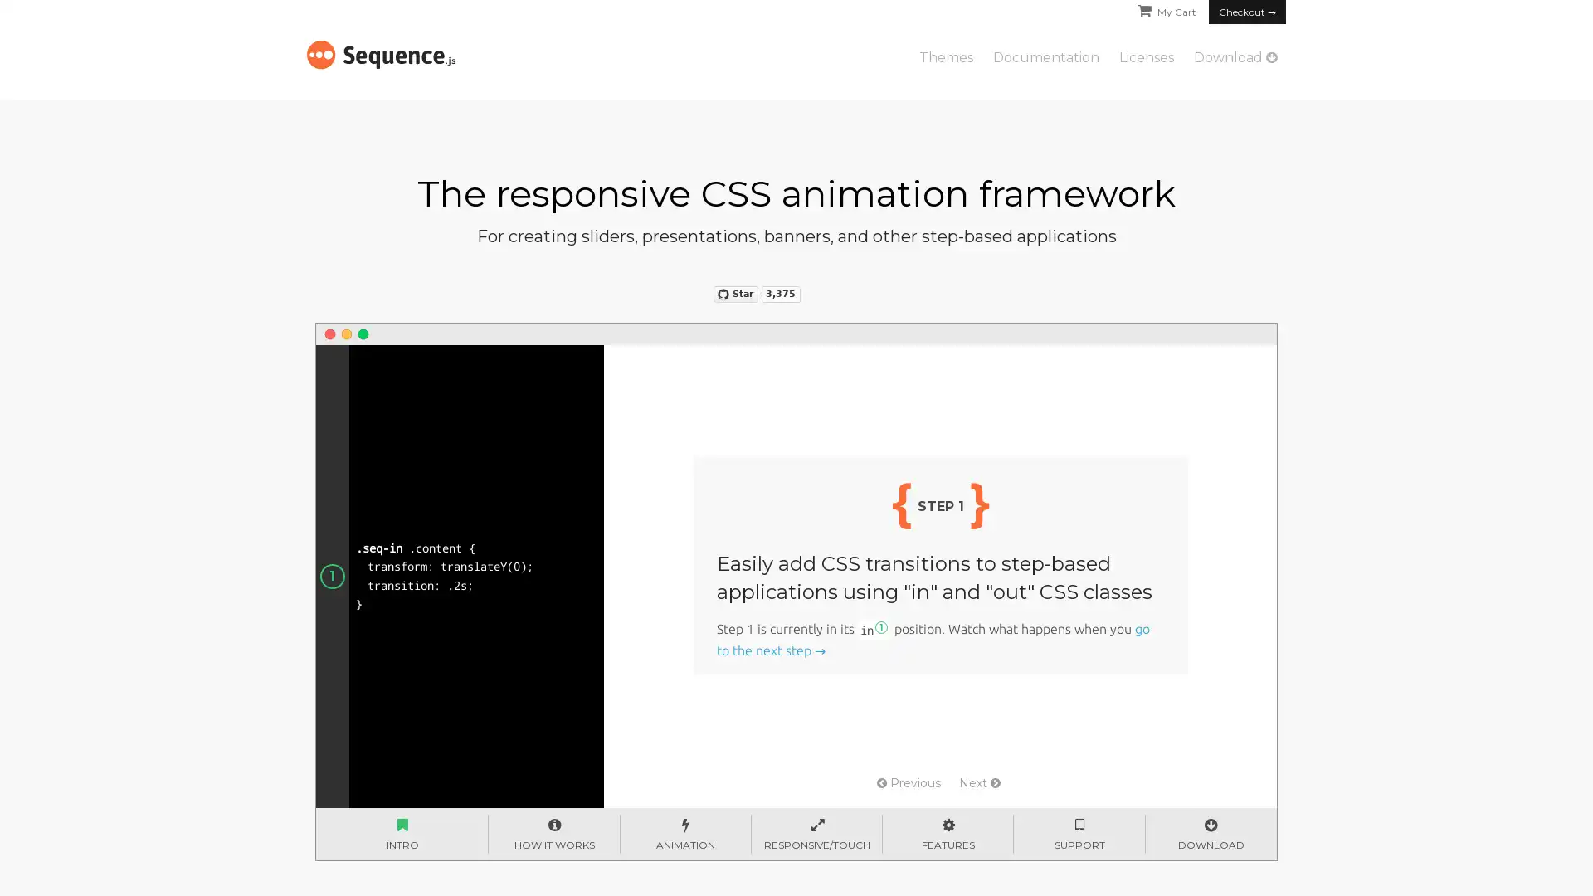 This screenshot has width=1593, height=896. What do you see at coordinates (908, 783) in the screenshot?
I see `Previous` at bounding box center [908, 783].